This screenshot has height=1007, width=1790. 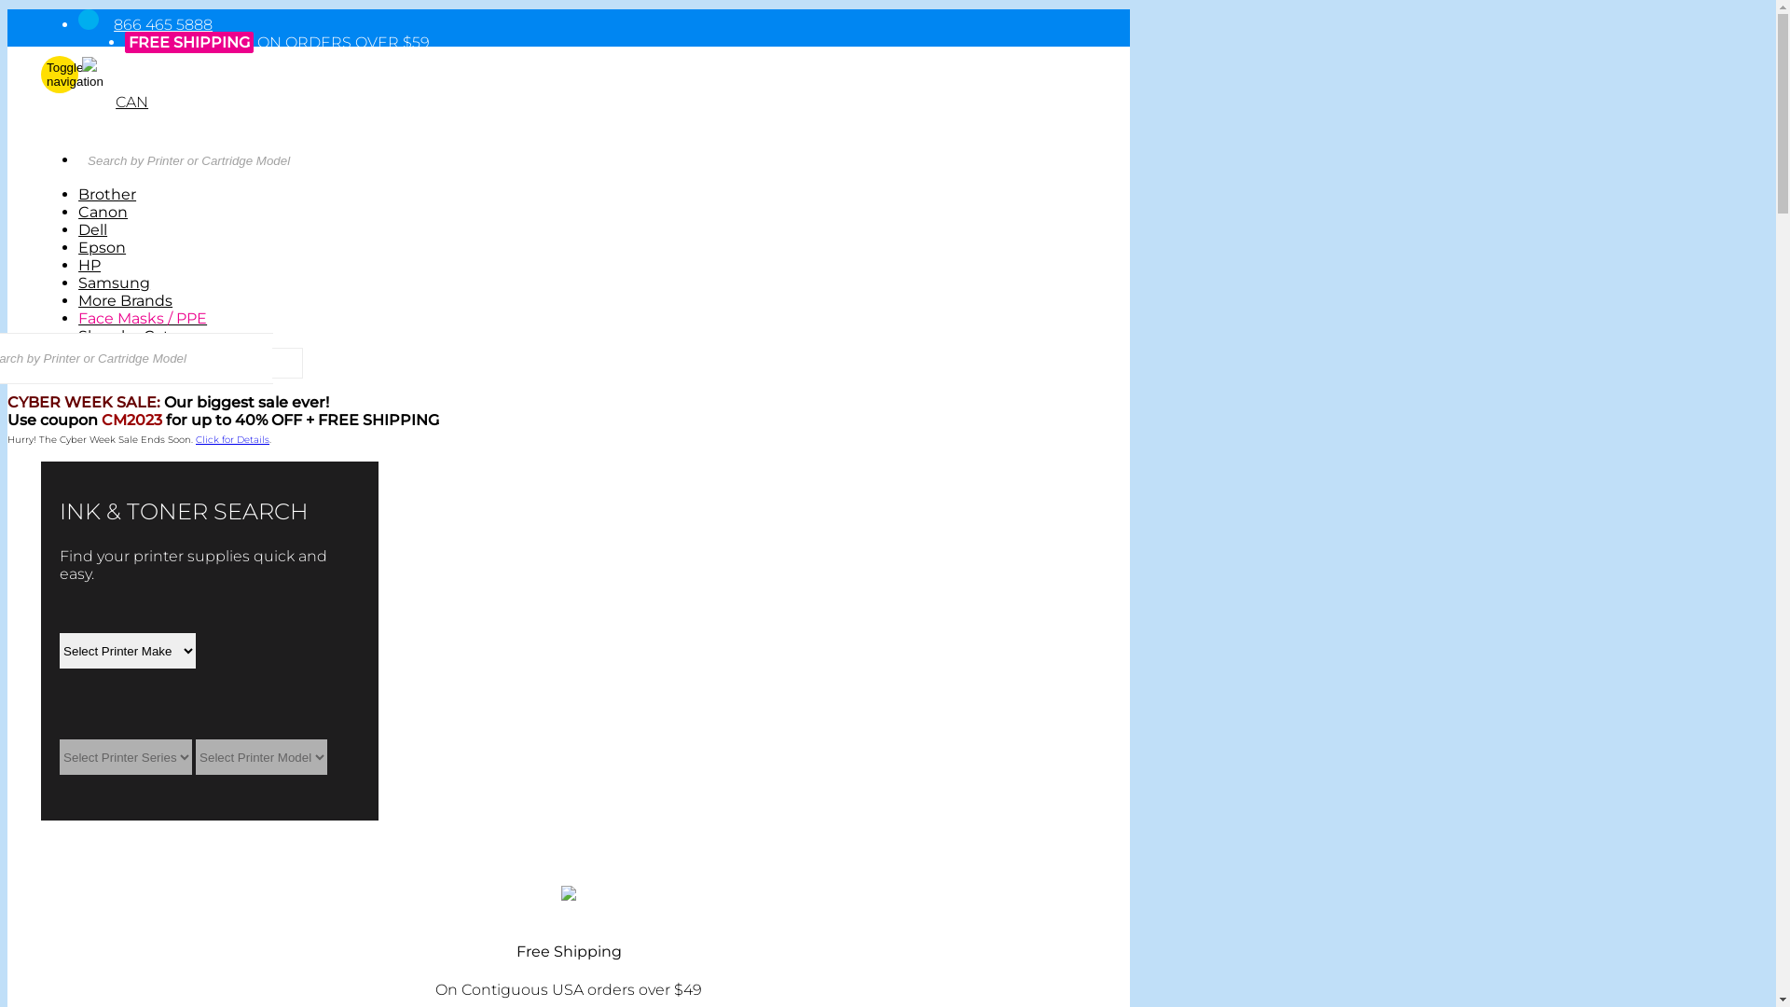 I want to click on 'Click for Details', so click(x=231, y=439).